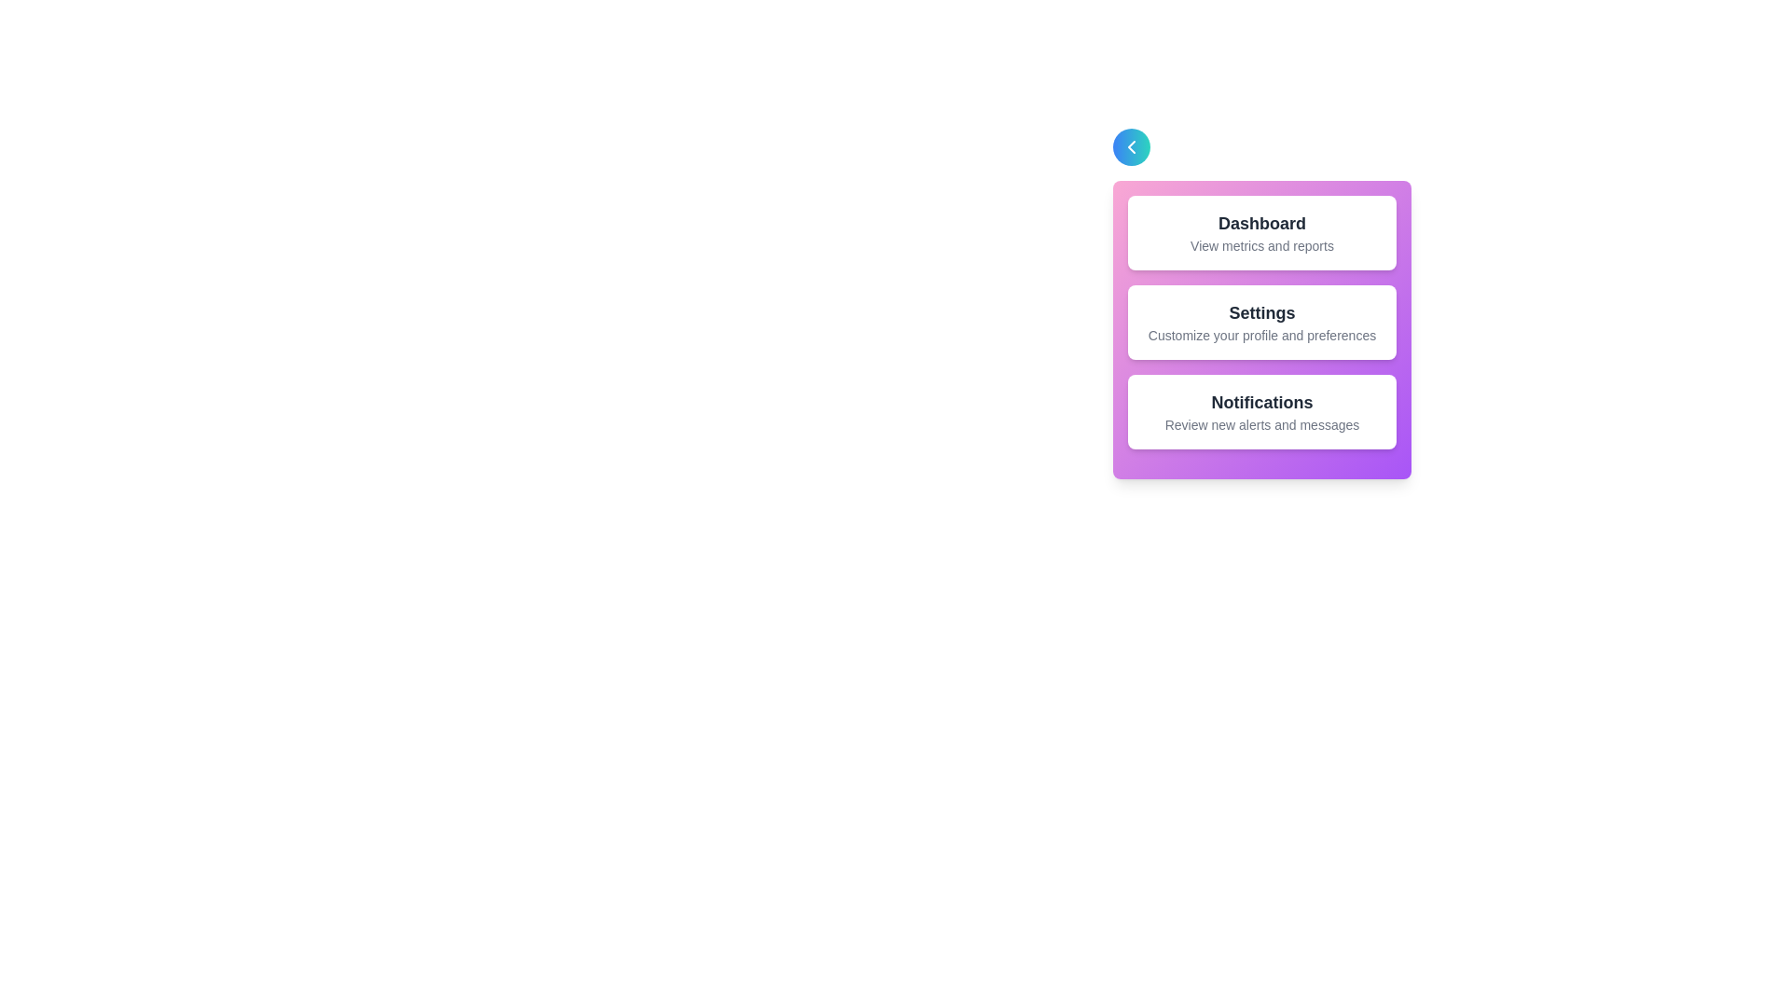  What do you see at coordinates (1261, 232) in the screenshot?
I see `the section titled 'Dashboard' to observe its visual effect` at bounding box center [1261, 232].